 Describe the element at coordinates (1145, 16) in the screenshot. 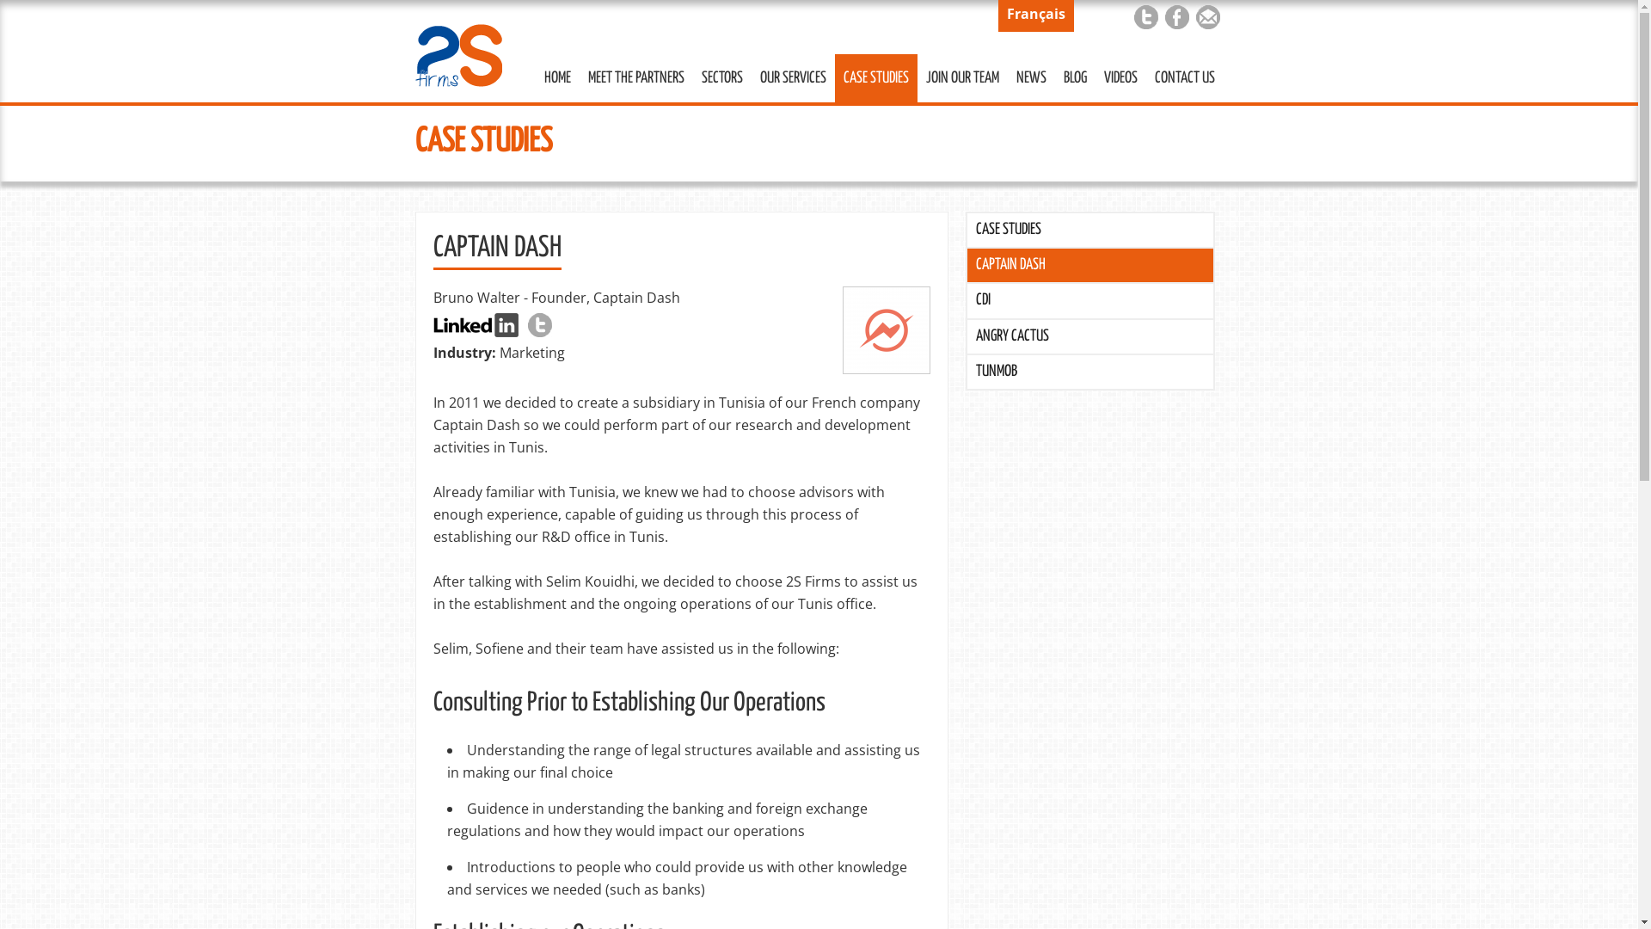

I see `'Twitter'` at that location.